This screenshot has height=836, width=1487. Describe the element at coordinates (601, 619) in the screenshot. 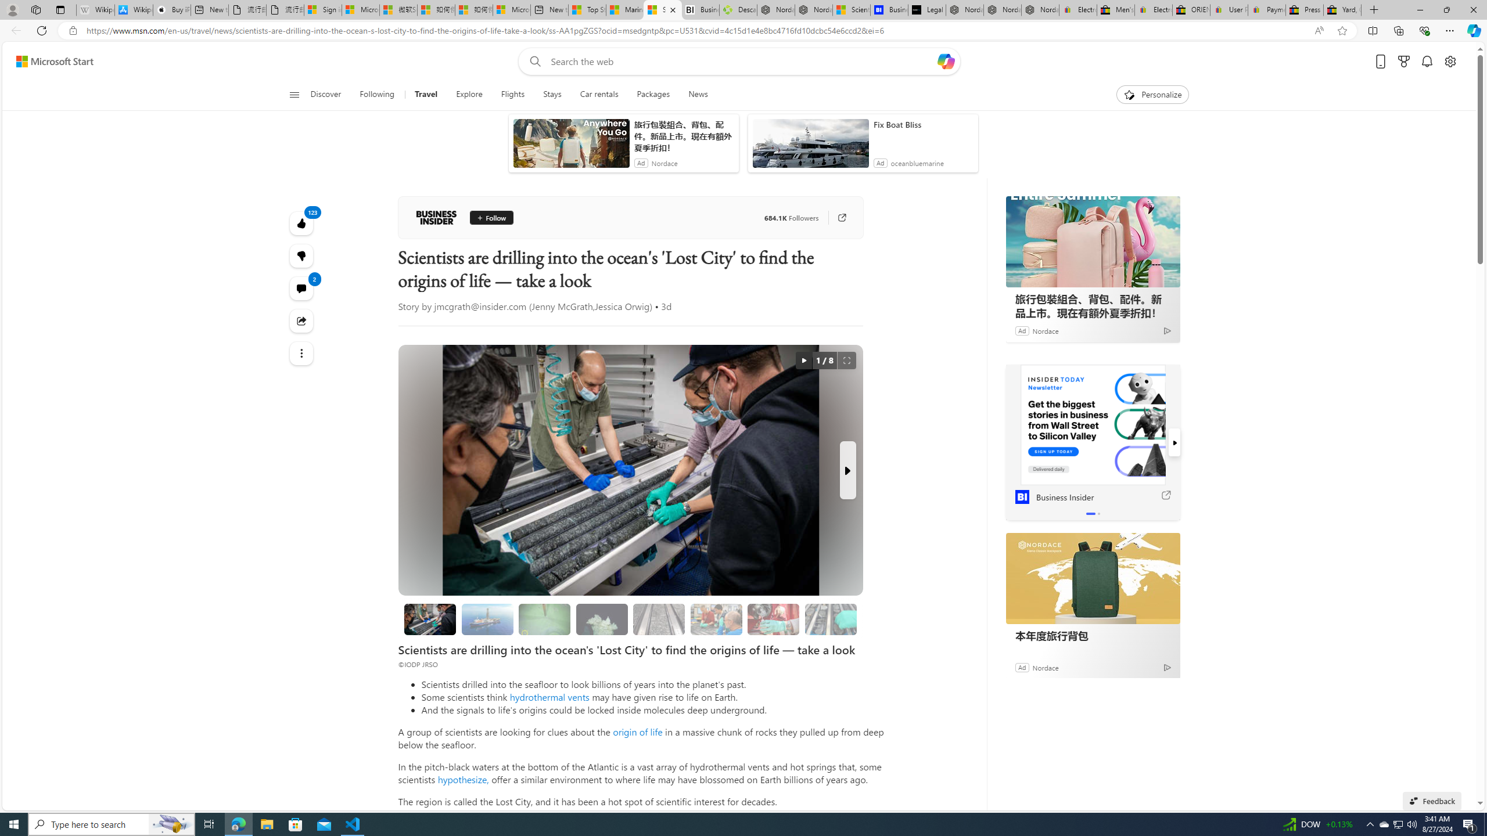

I see `'The Lost City could hold clues to the origin of life.'` at that location.